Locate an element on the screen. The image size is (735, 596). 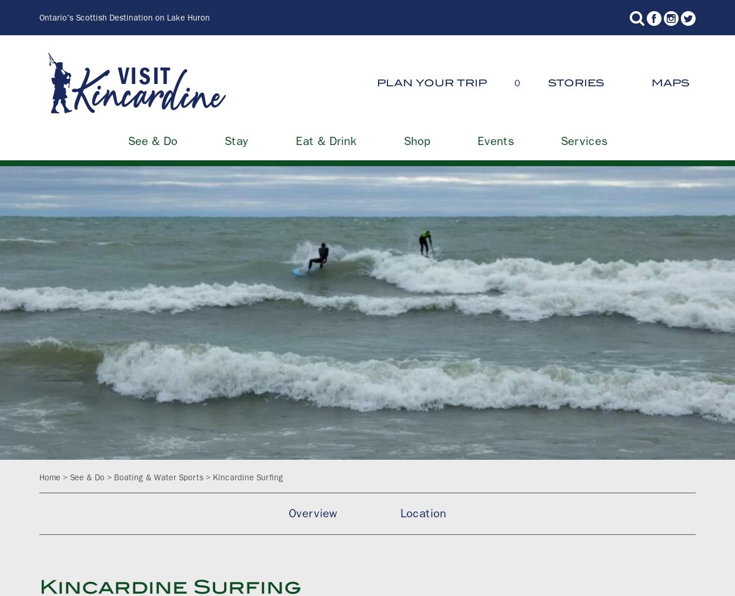
'Casual Dining' is located at coordinates (521, 139).